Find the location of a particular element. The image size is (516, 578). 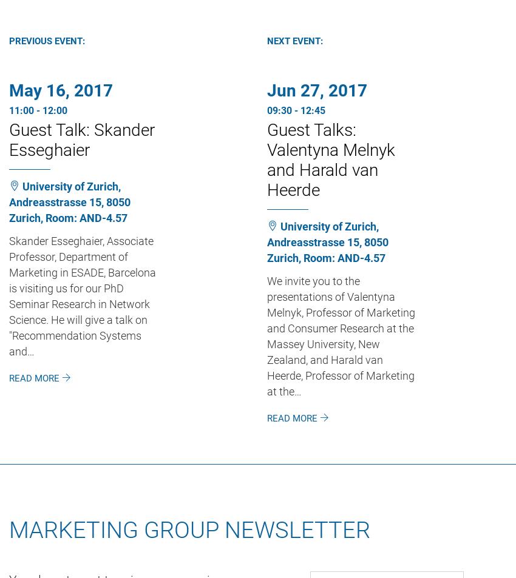

'Next Event:' is located at coordinates (295, 39).